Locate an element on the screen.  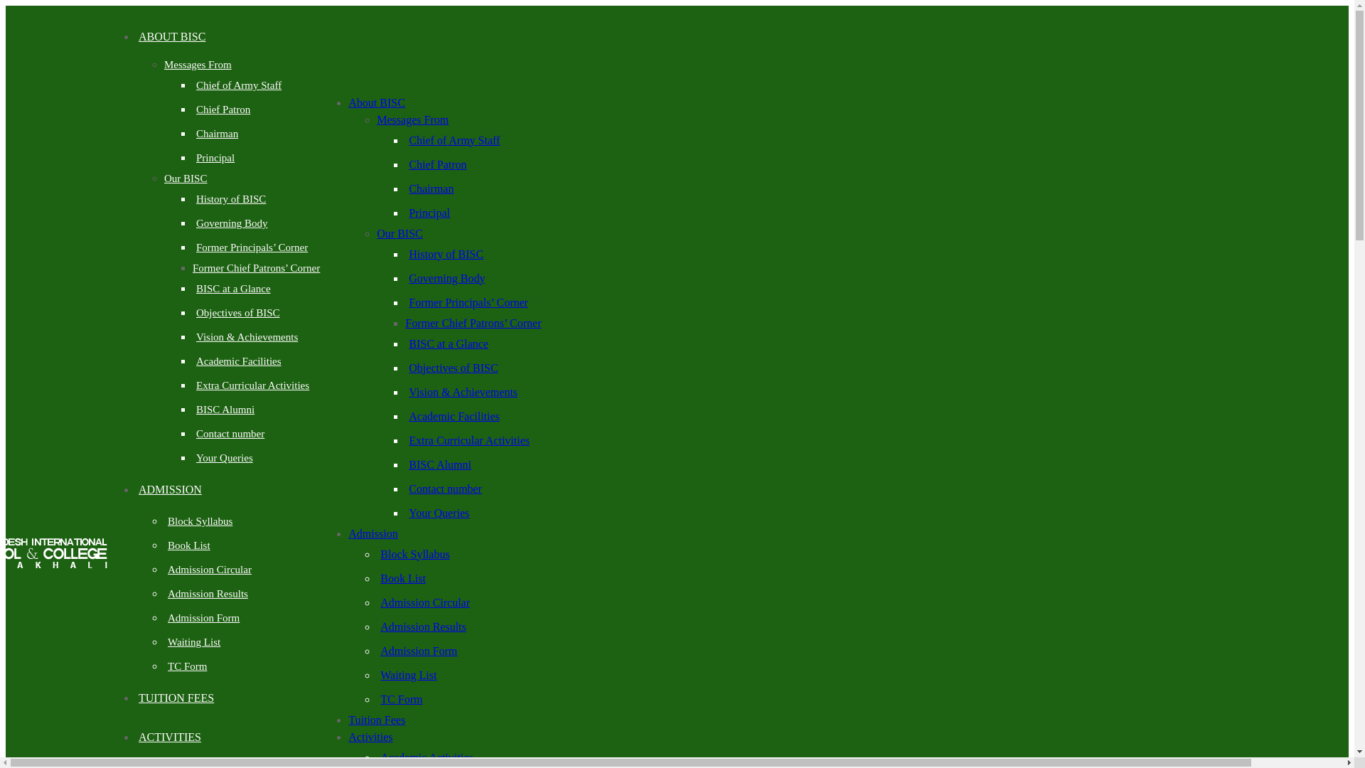
'Your Queries' is located at coordinates (438, 512).